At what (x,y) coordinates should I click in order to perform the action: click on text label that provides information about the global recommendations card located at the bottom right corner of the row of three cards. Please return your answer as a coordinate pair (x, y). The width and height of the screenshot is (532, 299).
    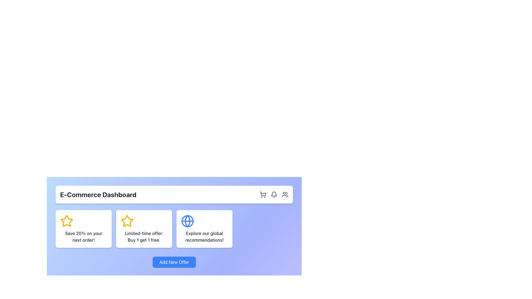
    Looking at the image, I should click on (204, 237).